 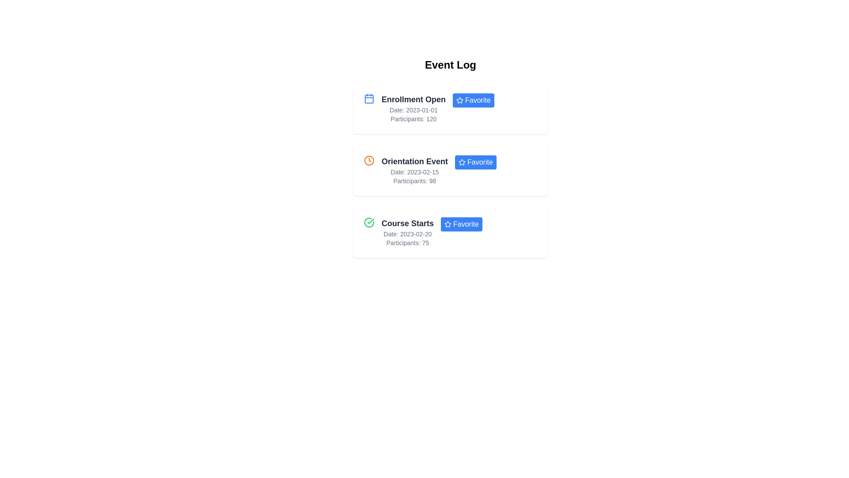 What do you see at coordinates (369, 99) in the screenshot?
I see `the SVG shape representing the day section in the calendar icon, which is centrally located within the icon to the left of the 'Enrollment Open' text in the first event item` at bounding box center [369, 99].